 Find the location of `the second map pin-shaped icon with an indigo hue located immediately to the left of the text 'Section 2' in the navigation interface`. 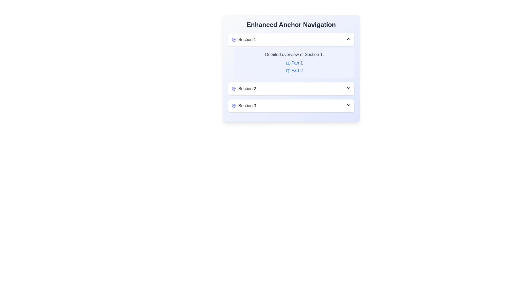

the second map pin-shaped icon with an indigo hue located immediately to the left of the text 'Section 2' in the navigation interface is located at coordinates (234, 88).